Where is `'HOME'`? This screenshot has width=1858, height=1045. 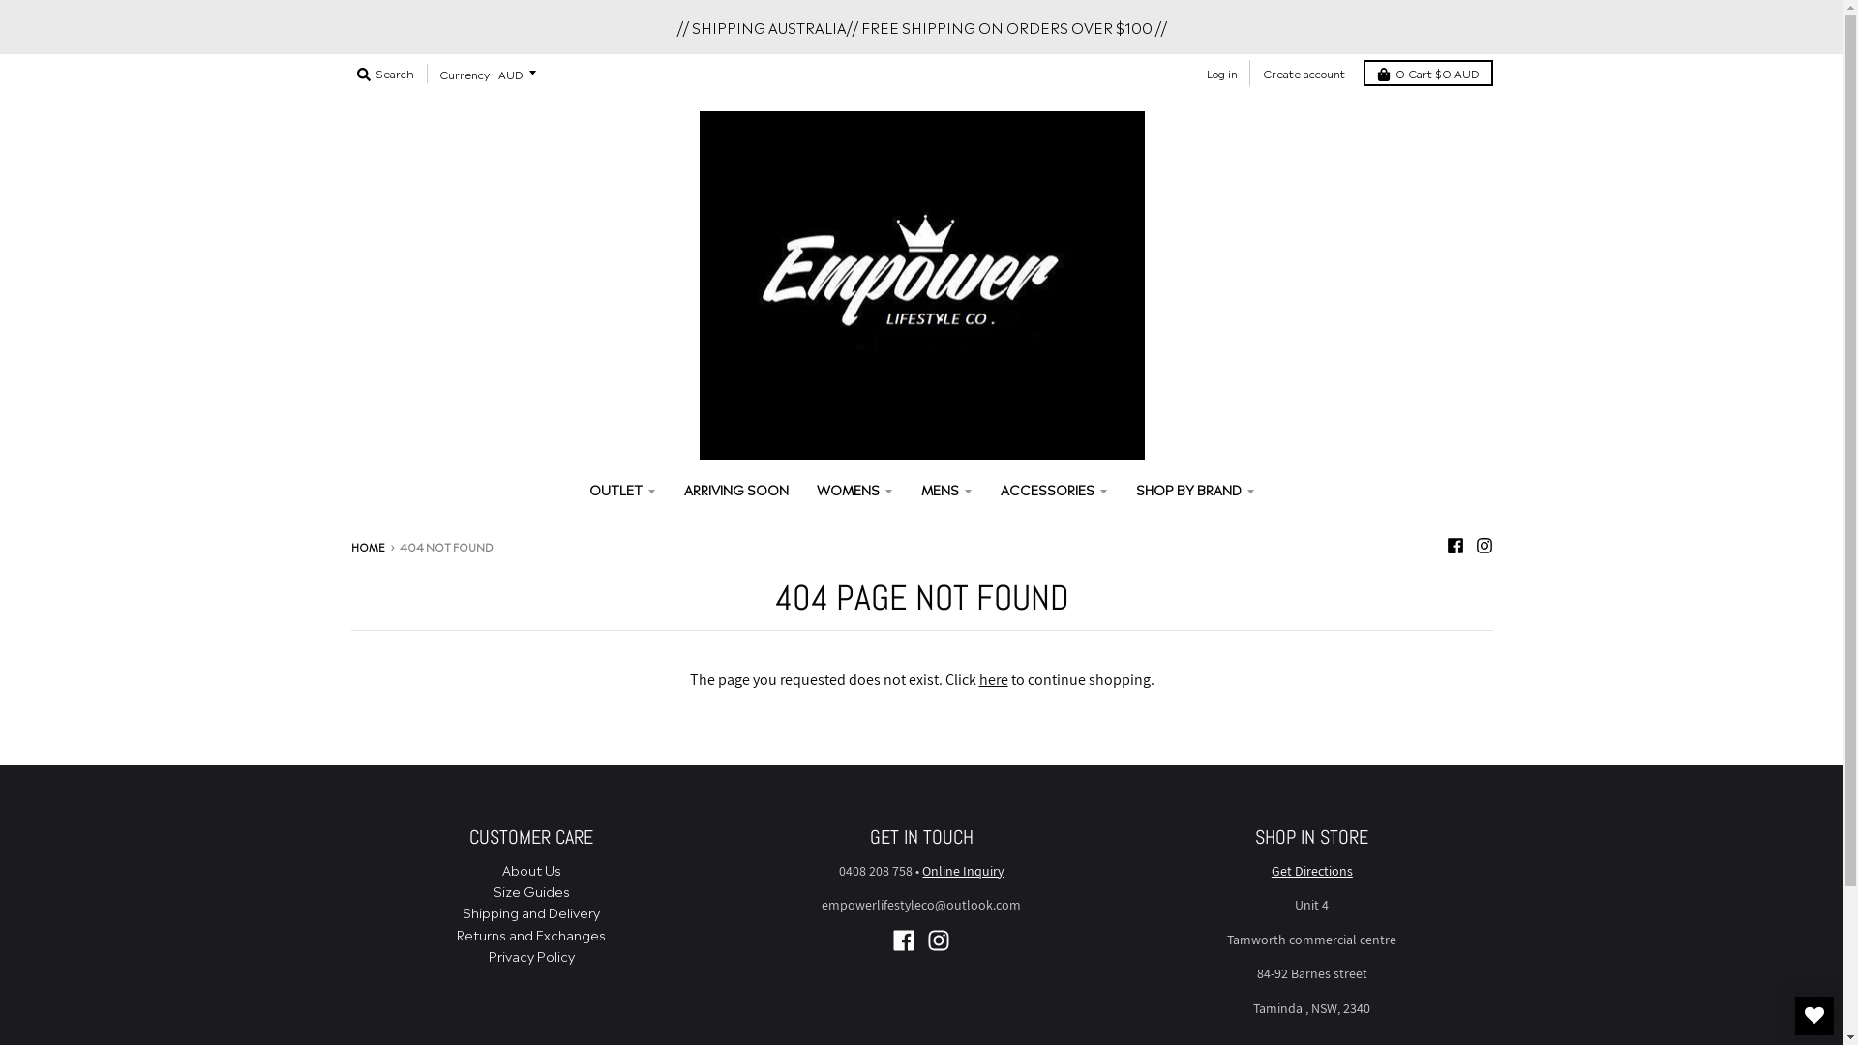
'HOME' is located at coordinates (349, 546).